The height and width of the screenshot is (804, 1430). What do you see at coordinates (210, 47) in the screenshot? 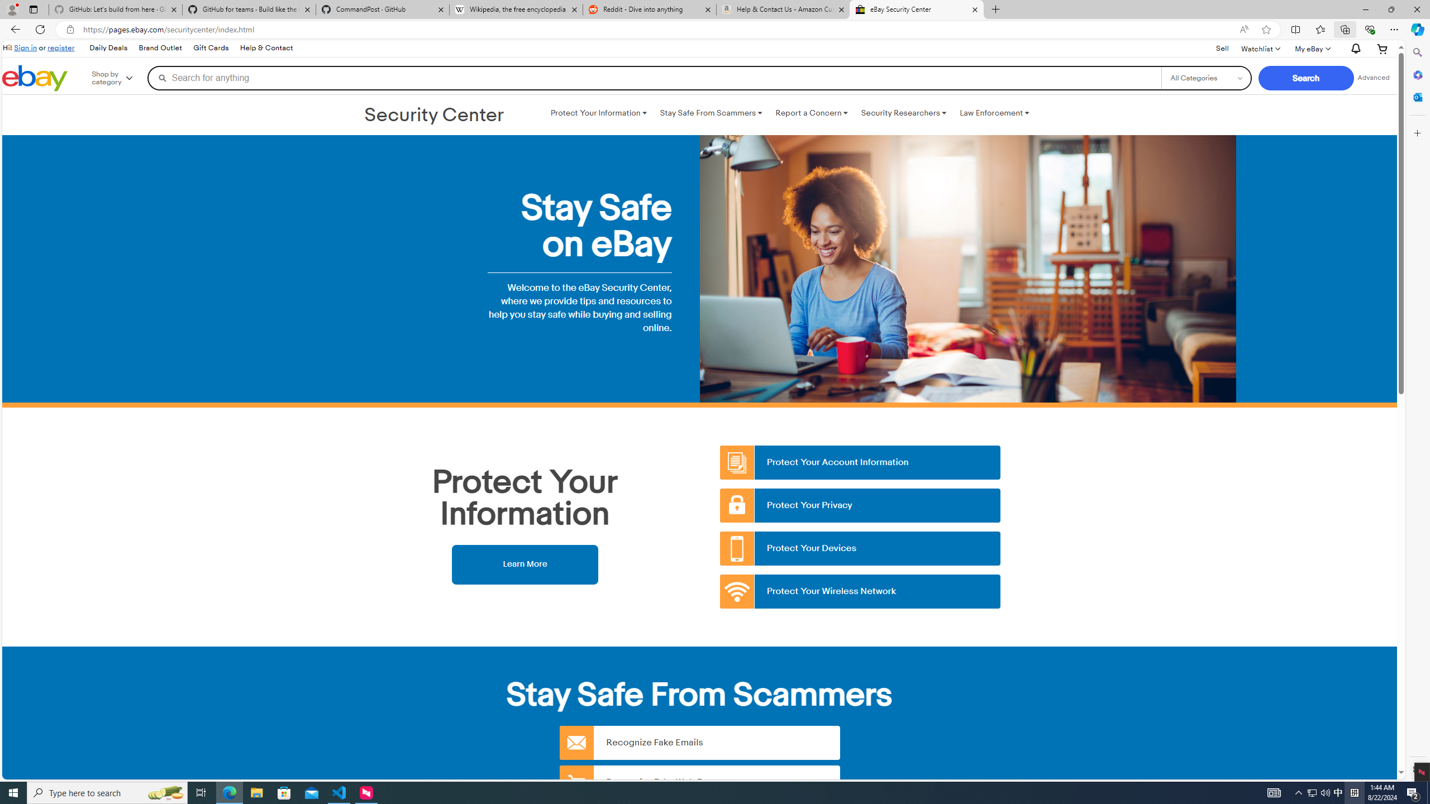
I see `'Gift Cards'` at bounding box center [210, 47].